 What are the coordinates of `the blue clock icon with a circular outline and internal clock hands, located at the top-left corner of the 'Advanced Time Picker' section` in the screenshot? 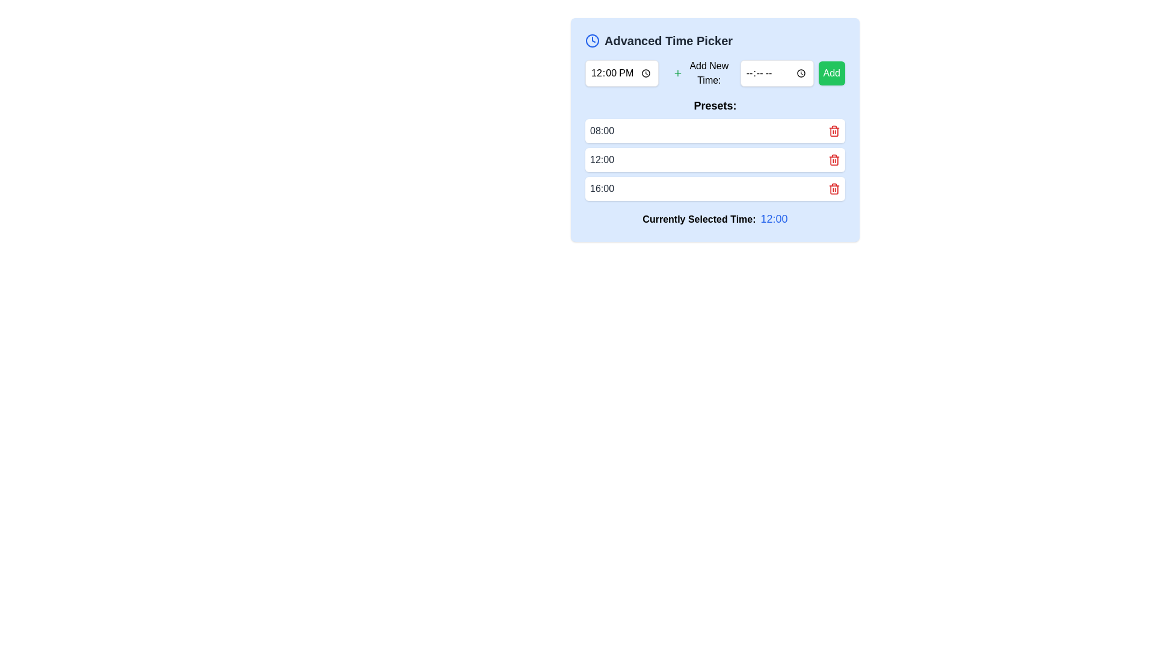 It's located at (592, 40).